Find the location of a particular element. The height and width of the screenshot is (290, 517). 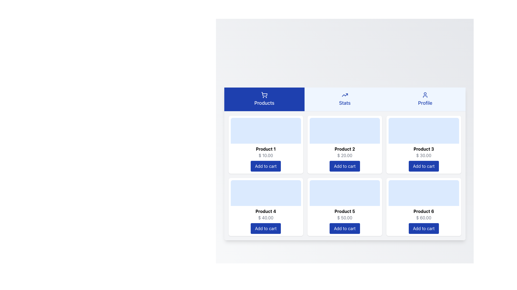

the 'Products' button located at the top-left of a row of three buttons, which also includes 'Stats' and 'Profile' is located at coordinates (264, 99).